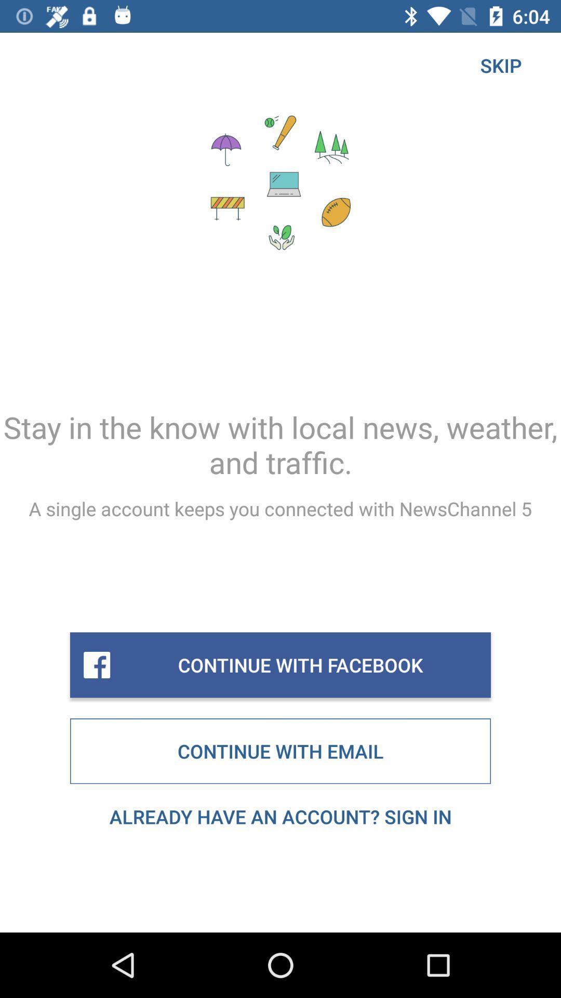 This screenshot has height=998, width=561. Describe the element at coordinates (500, 64) in the screenshot. I see `skip` at that location.